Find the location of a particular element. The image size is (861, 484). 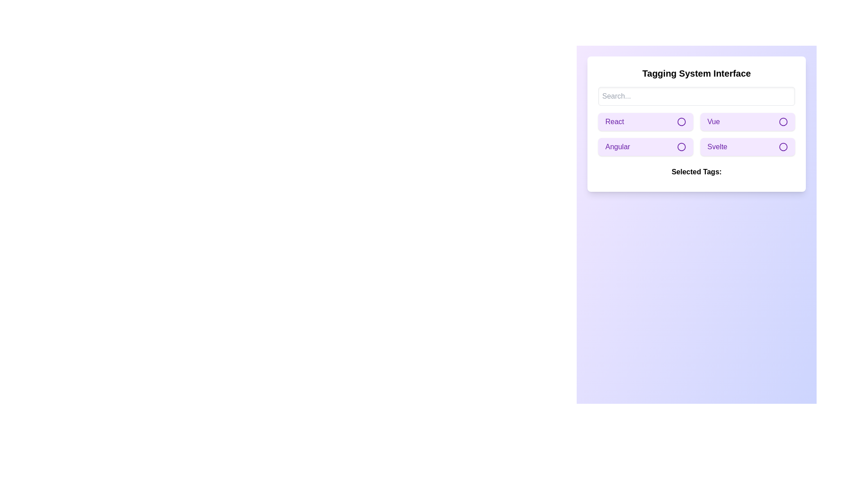

the circular icon with a 10-pixel radius, located in the bottom-right quadrant of the form, adjacent to the option labeled 'Svelte' is located at coordinates (783, 146).